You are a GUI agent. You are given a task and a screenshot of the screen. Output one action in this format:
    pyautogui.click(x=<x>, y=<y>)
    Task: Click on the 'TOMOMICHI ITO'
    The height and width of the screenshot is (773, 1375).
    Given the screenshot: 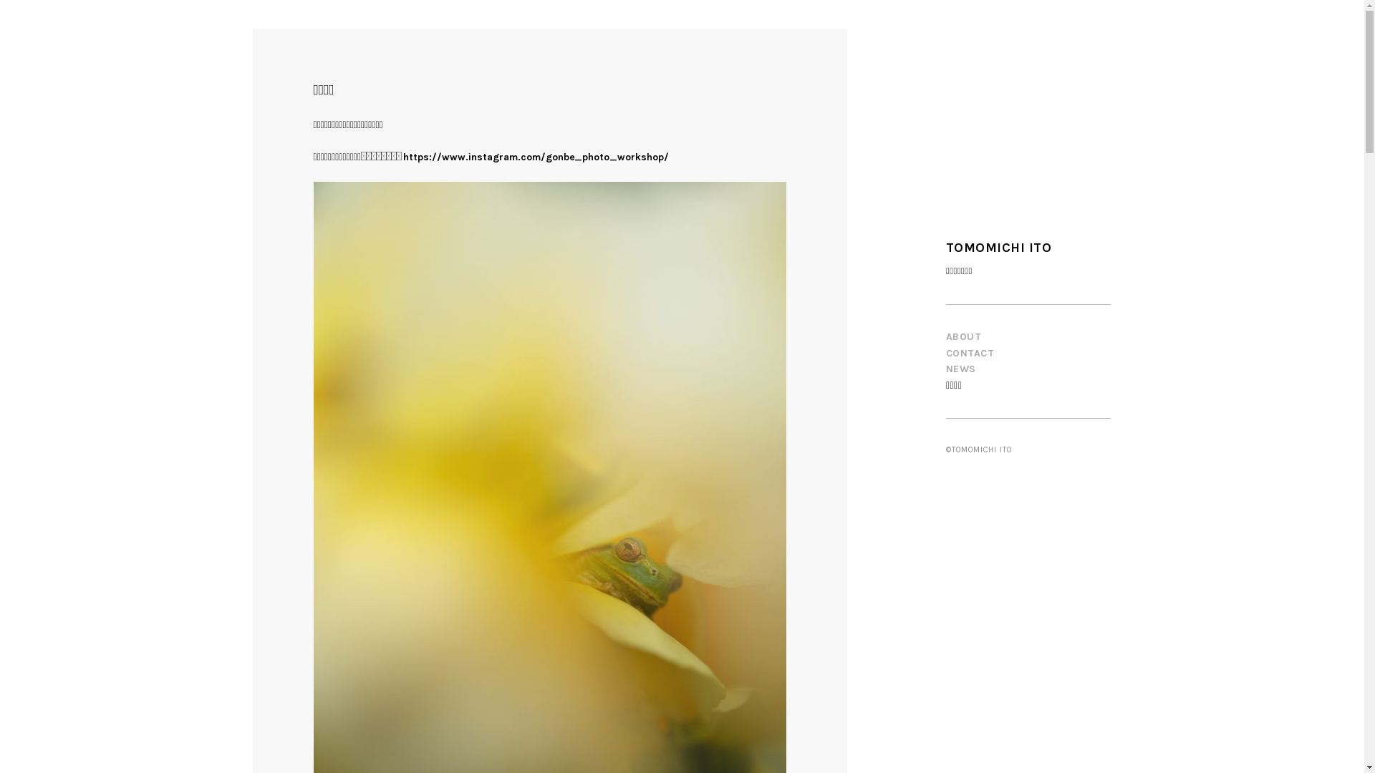 What is the action you would take?
    pyautogui.click(x=945, y=247)
    